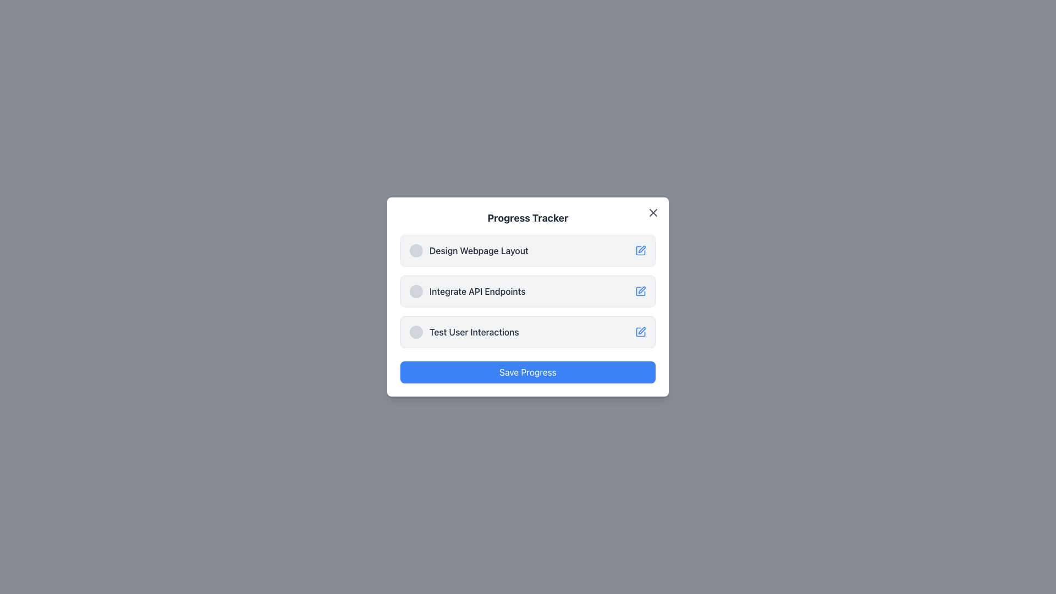  What do you see at coordinates (653, 212) in the screenshot?
I see `the close button located at the top-right corner of the modal dialog` at bounding box center [653, 212].